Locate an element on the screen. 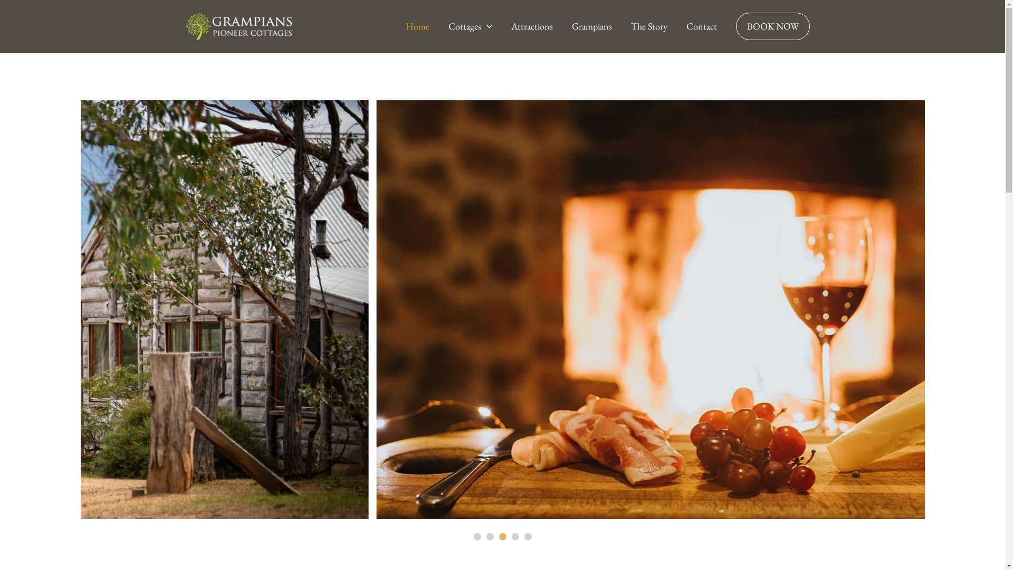 Image resolution: width=1013 pixels, height=570 pixels. 'The Story' is located at coordinates (648, 26).